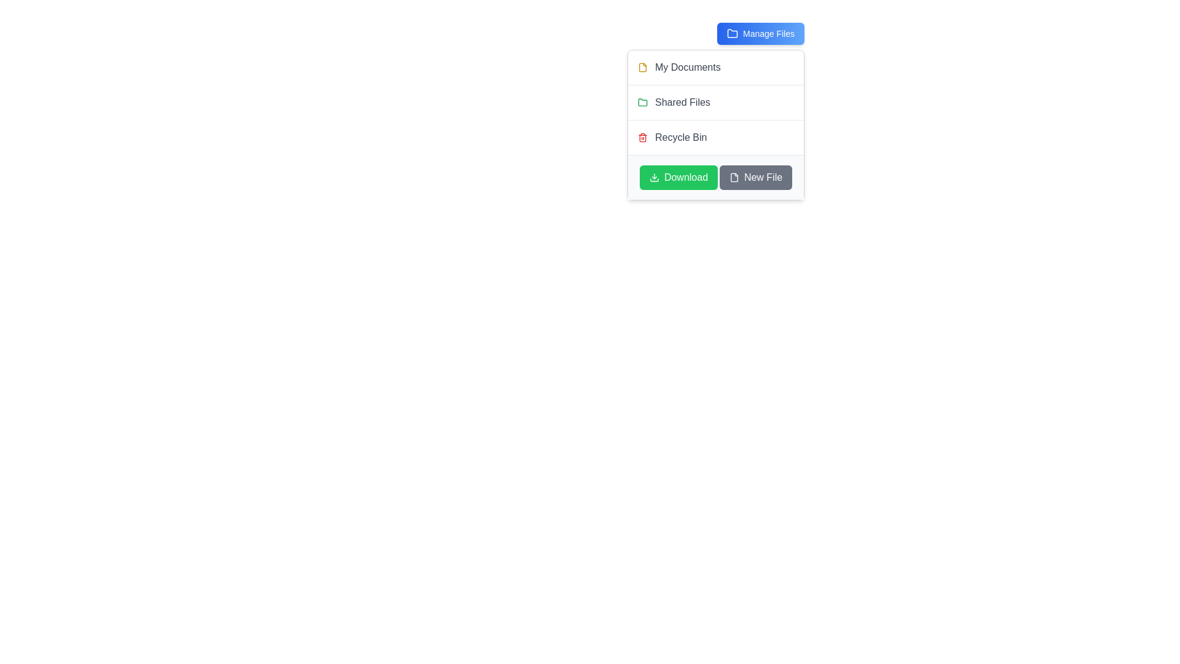 Image resolution: width=1180 pixels, height=664 pixels. I want to click on the 'Shared Files' text label, which is displayed in gray font and is located in the second row of the list under the header 'Shared Files', horizontally aligned with a green folder icon, so click(682, 101).